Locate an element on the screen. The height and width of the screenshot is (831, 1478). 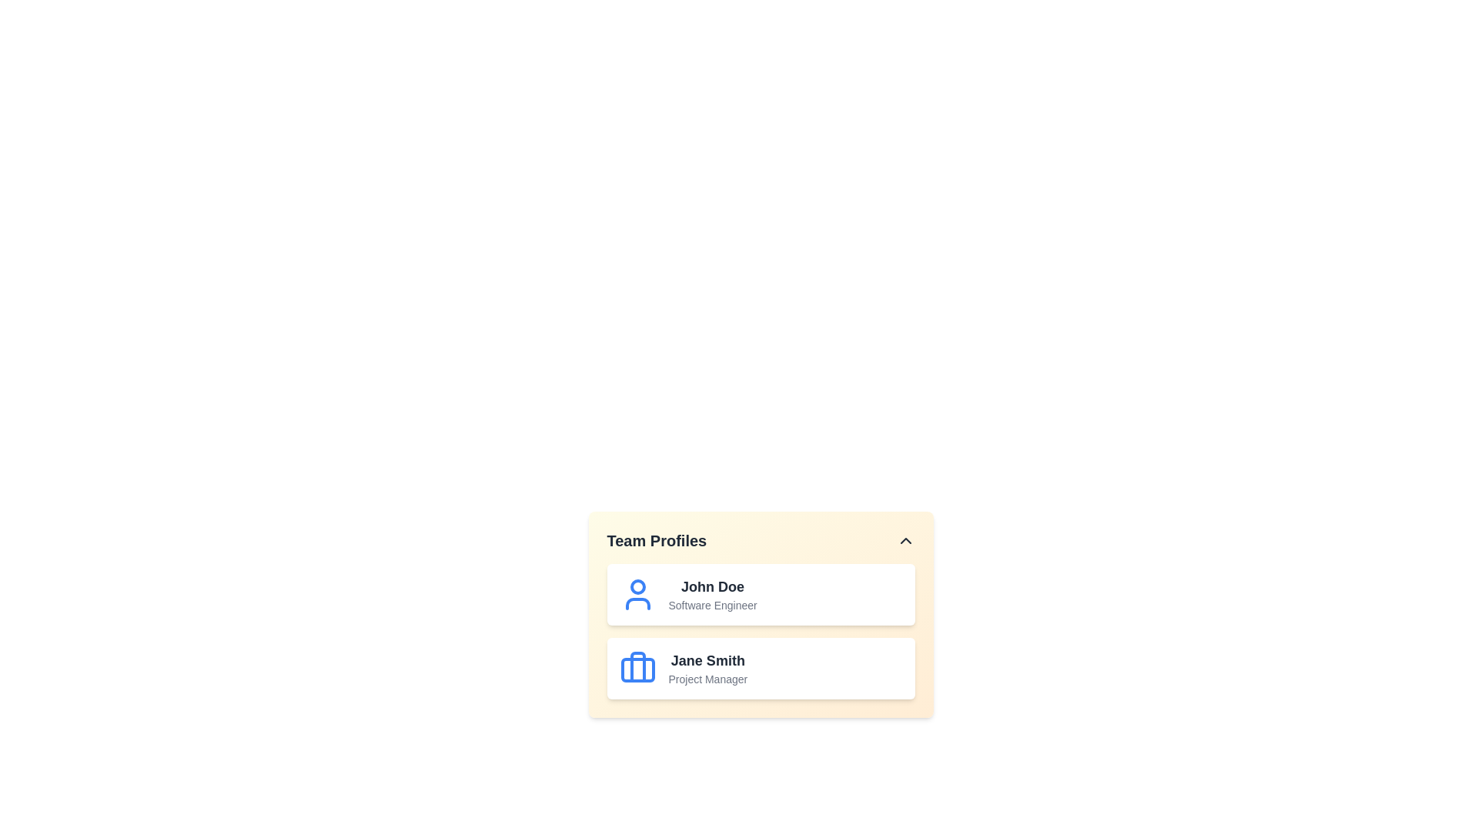
the briefcase icon associated with 'Jane Smith', the Project Manager, in the second profile block is located at coordinates (637, 669).